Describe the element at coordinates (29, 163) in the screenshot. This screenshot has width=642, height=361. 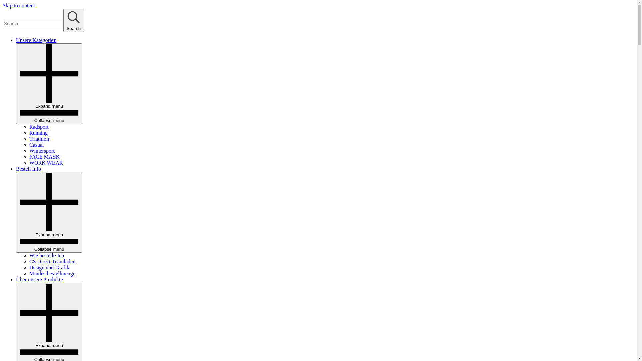
I see `'WORK WEAR'` at that location.